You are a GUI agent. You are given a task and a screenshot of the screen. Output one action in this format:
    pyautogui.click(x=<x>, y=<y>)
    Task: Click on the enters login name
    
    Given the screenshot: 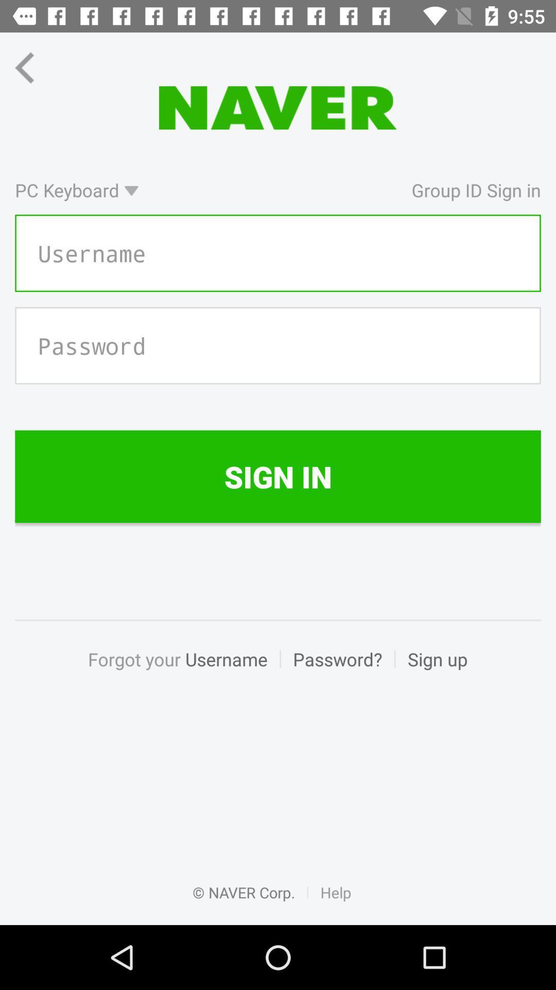 What is the action you would take?
    pyautogui.click(x=278, y=253)
    